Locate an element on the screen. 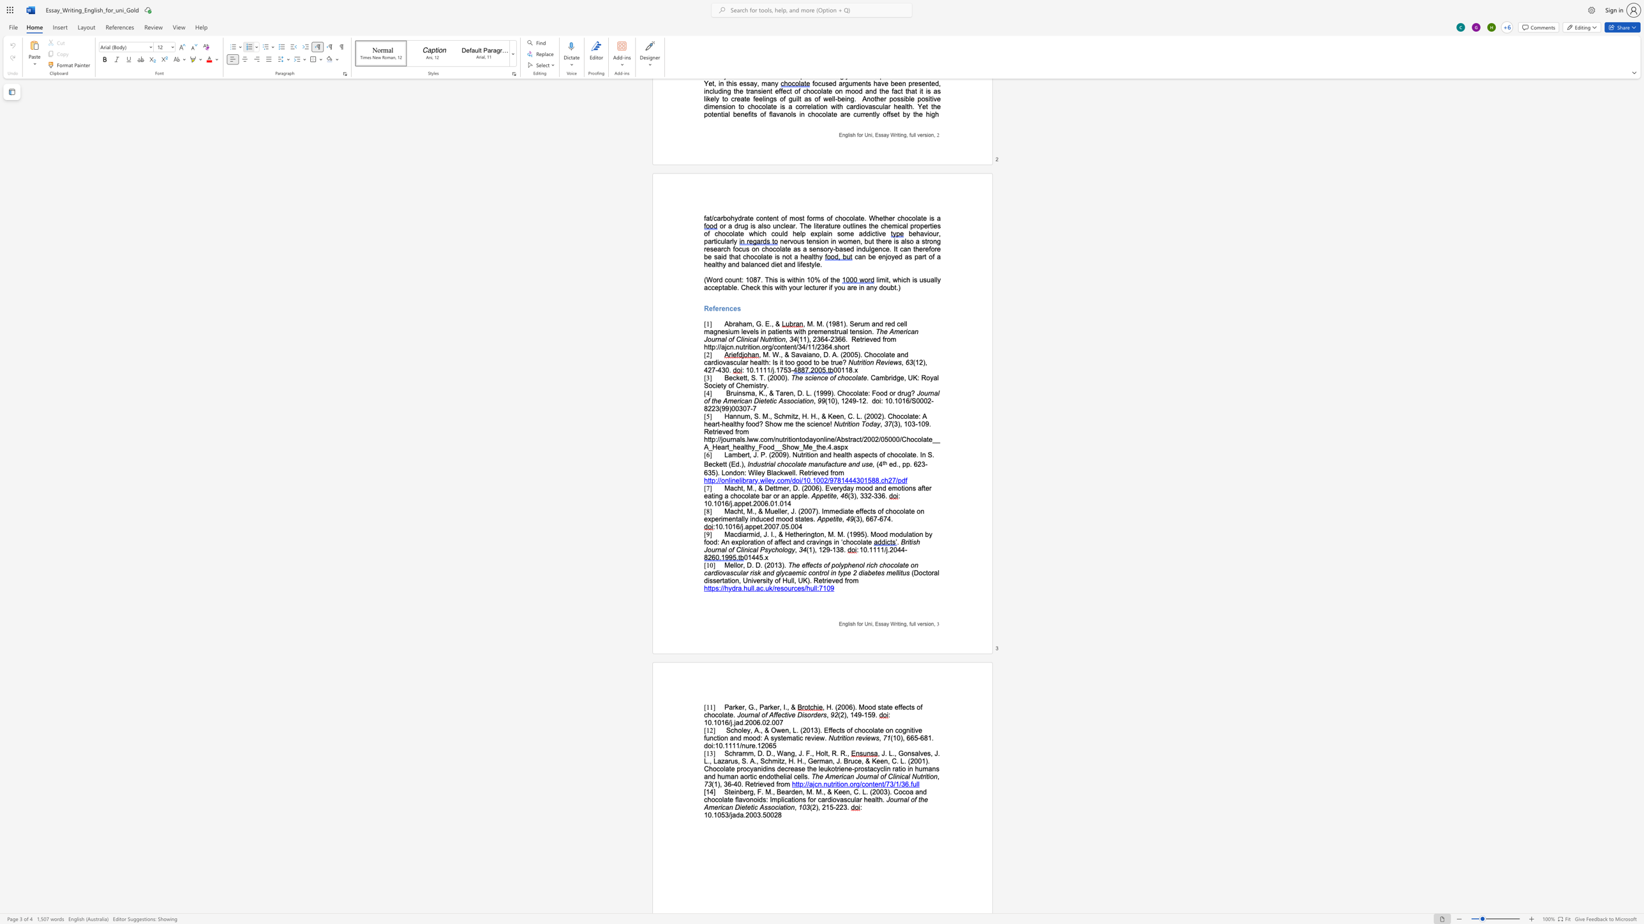 The width and height of the screenshot is (1644, 924). the space between the continuous character "s" and "/" in the text is located at coordinates (803, 588).